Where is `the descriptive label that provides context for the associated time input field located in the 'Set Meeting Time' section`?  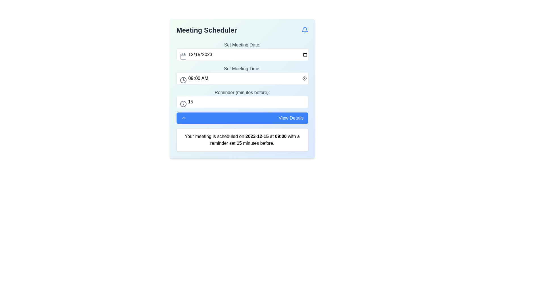
the descriptive label that provides context for the associated time input field located in the 'Set Meeting Time' section is located at coordinates (242, 69).